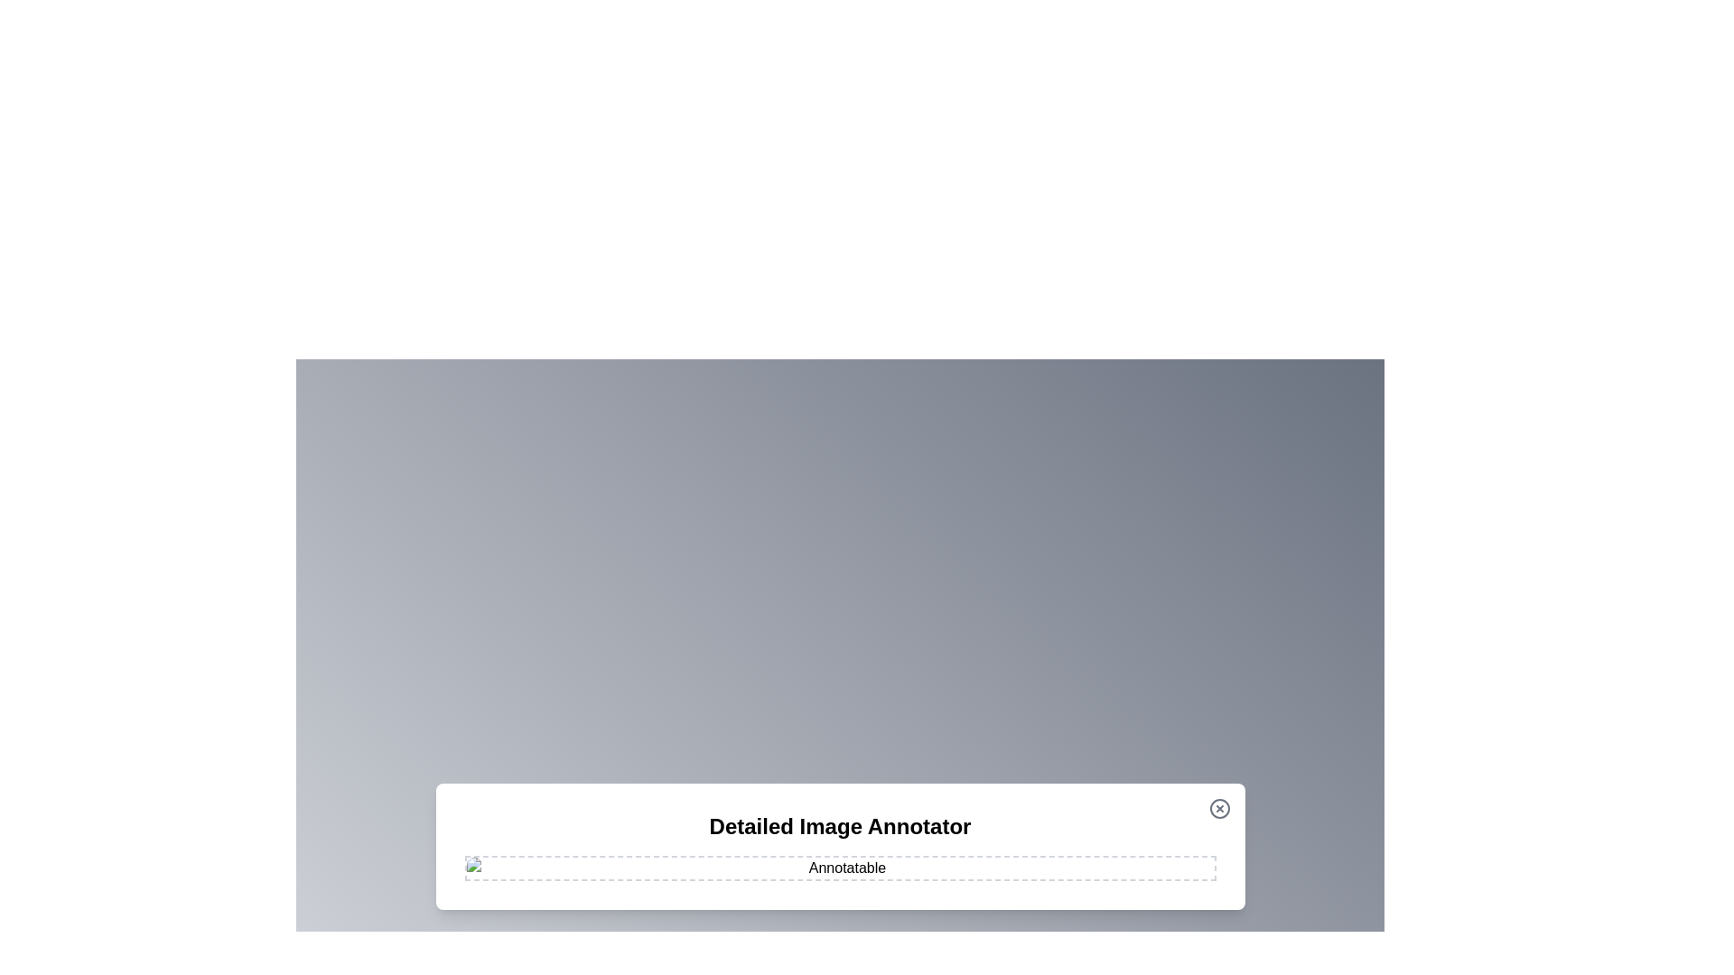  Describe the element at coordinates (997, 868) in the screenshot. I see `the image at coordinates (1106, 963) to add an annotation` at that location.